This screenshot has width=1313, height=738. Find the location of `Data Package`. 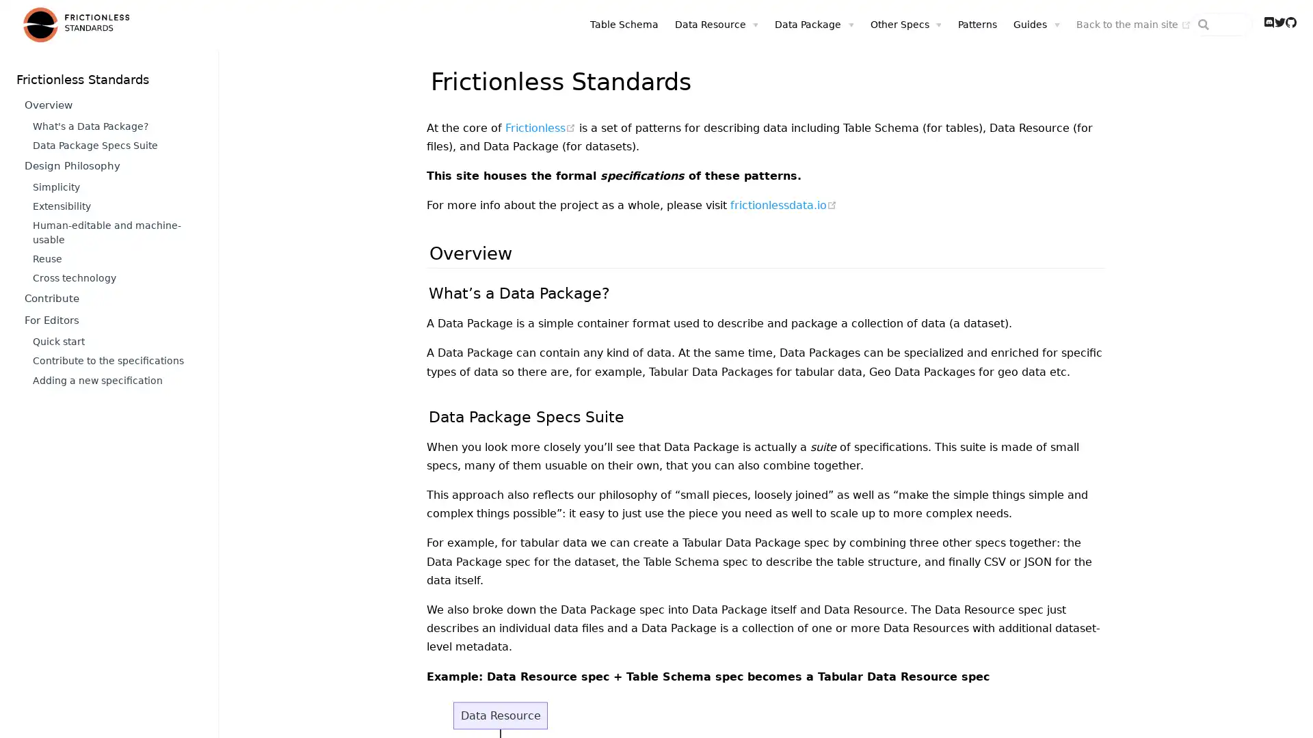

Data Package is located at coordinates (737, 24).